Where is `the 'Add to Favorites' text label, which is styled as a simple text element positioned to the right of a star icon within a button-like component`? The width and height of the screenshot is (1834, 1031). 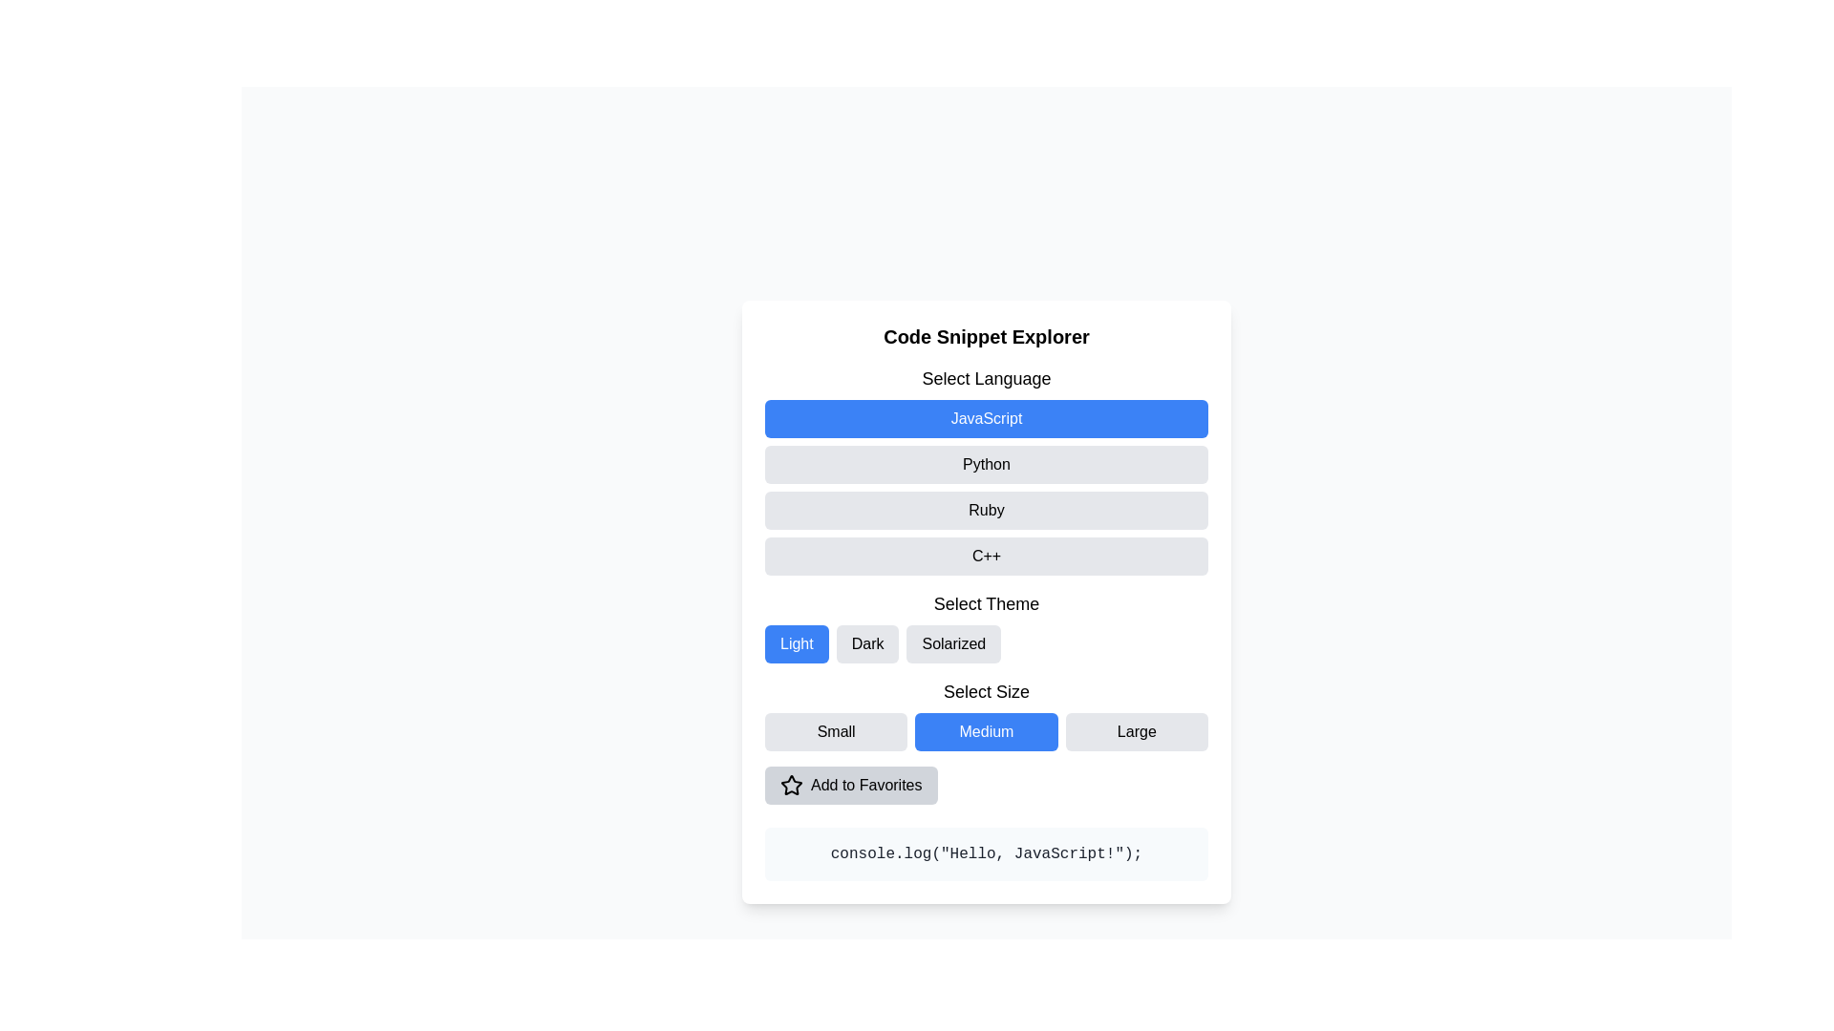
the 'Add to Favorites' text label, which is styled as a simple text element positioned to the right of a star icon within a button-like component is located at coordinates (865, 785).